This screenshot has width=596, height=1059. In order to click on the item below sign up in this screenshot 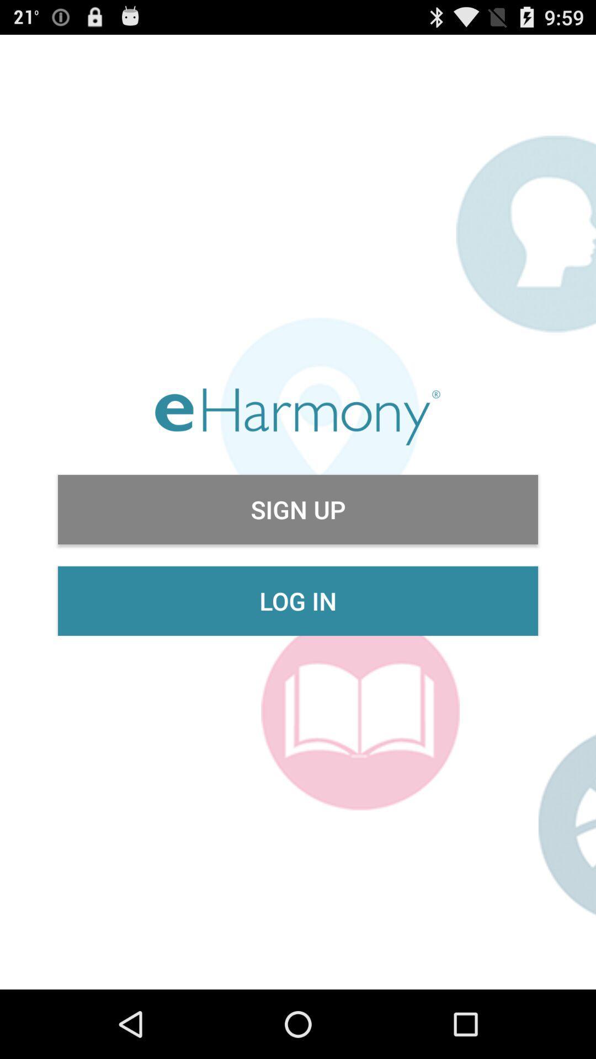, I will do `click(298, 600)`.